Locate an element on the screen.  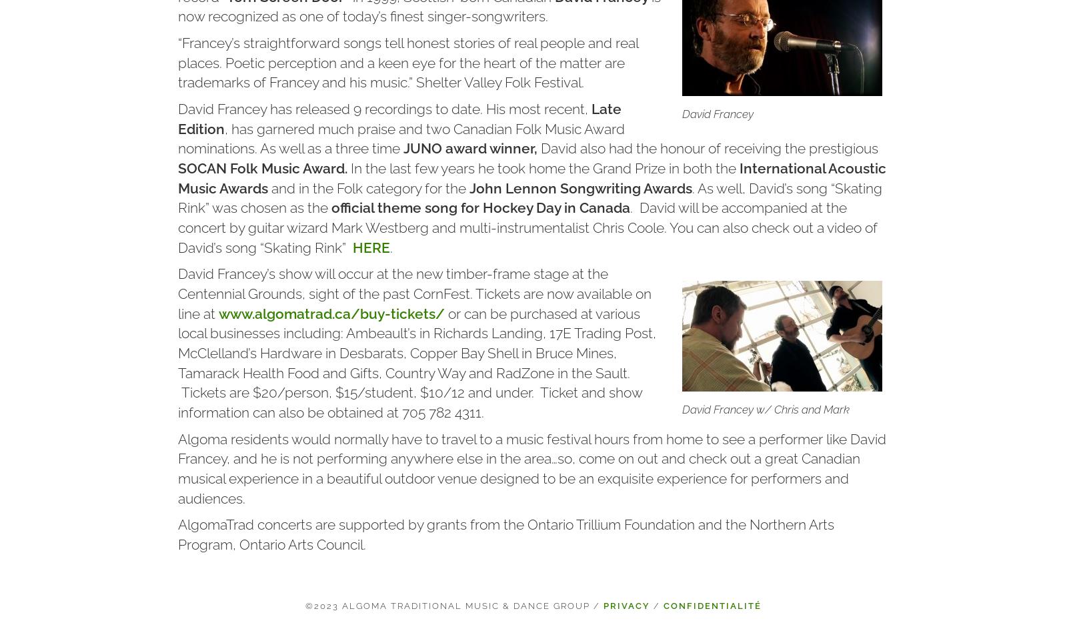
'AlgomaTrad concerts are supported by grants from the Ontario Trillium Foundation and the Northern Arts Program, Ontario Arts Council.' is located at coordinates (177, 534).